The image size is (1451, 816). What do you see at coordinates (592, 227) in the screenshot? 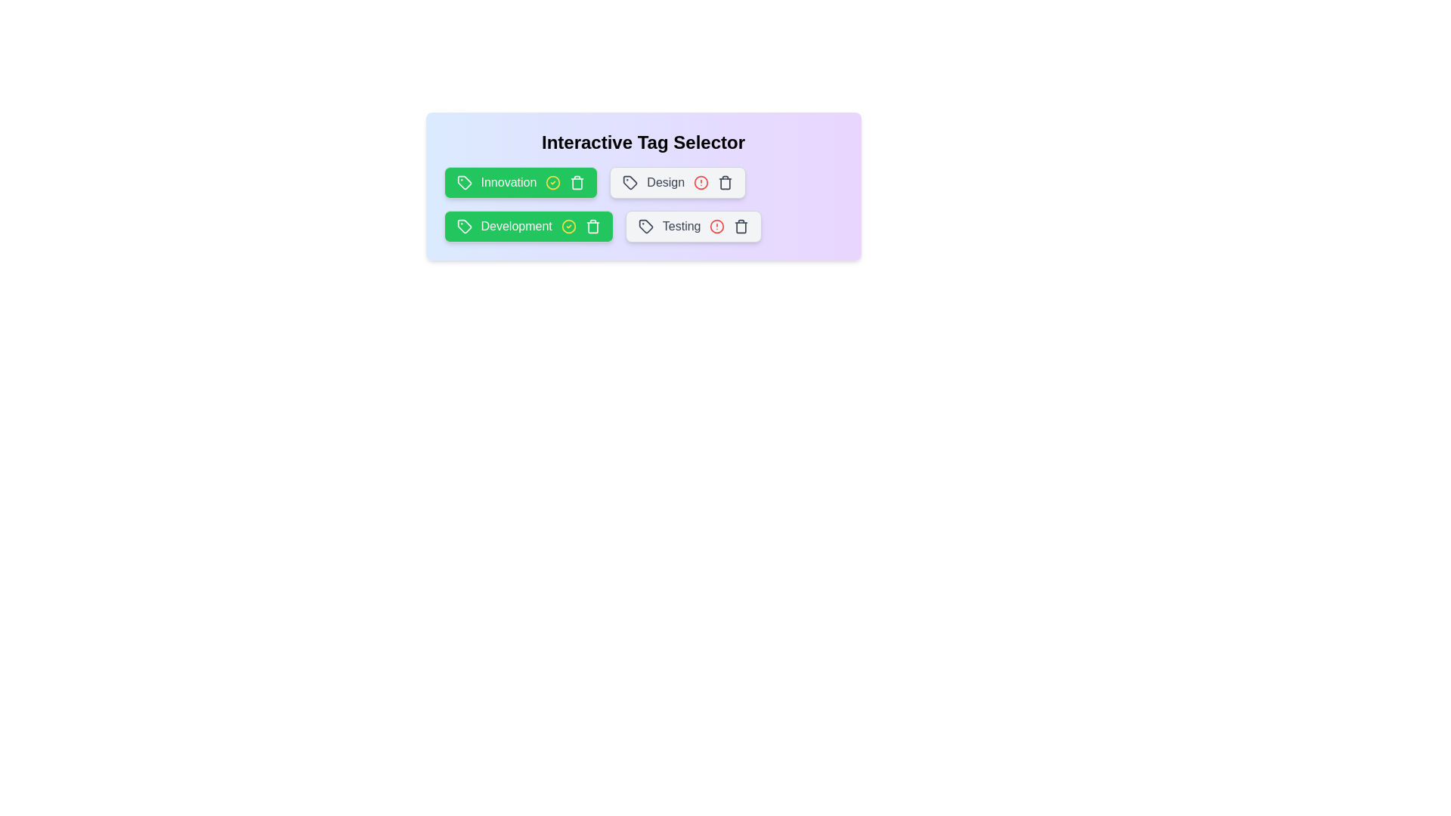
I see `the delete button for the tag labeled Development` at bounding box center [592, 227].